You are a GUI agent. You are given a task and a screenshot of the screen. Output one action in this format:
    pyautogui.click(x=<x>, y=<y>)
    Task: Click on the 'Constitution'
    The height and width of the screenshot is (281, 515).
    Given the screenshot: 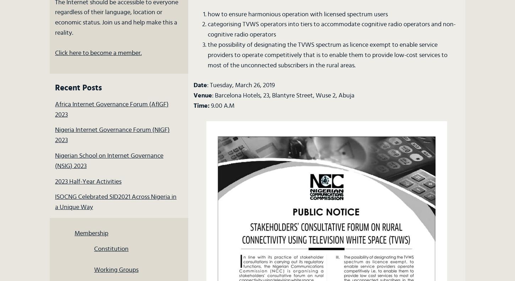 What is the action you would take?
    pyautogui.click(x=94, y=248)
    